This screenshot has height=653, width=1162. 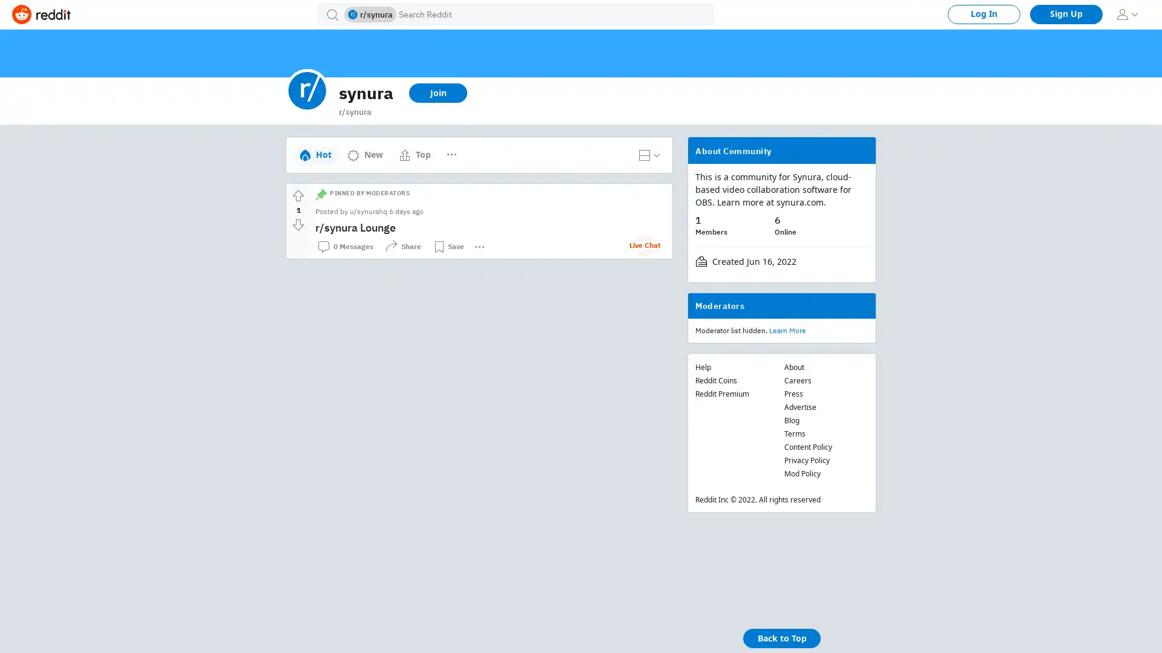 I want to click on Back to Top, so click(x=781, y=638).